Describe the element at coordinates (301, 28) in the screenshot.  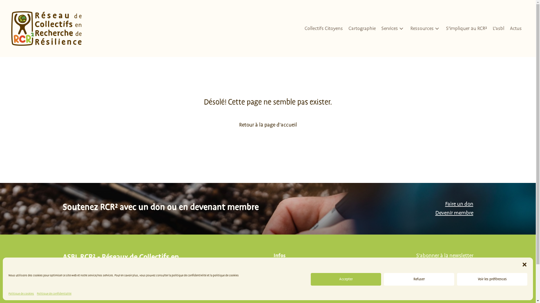
I see `'Collectifs Citoyens'` at that location.